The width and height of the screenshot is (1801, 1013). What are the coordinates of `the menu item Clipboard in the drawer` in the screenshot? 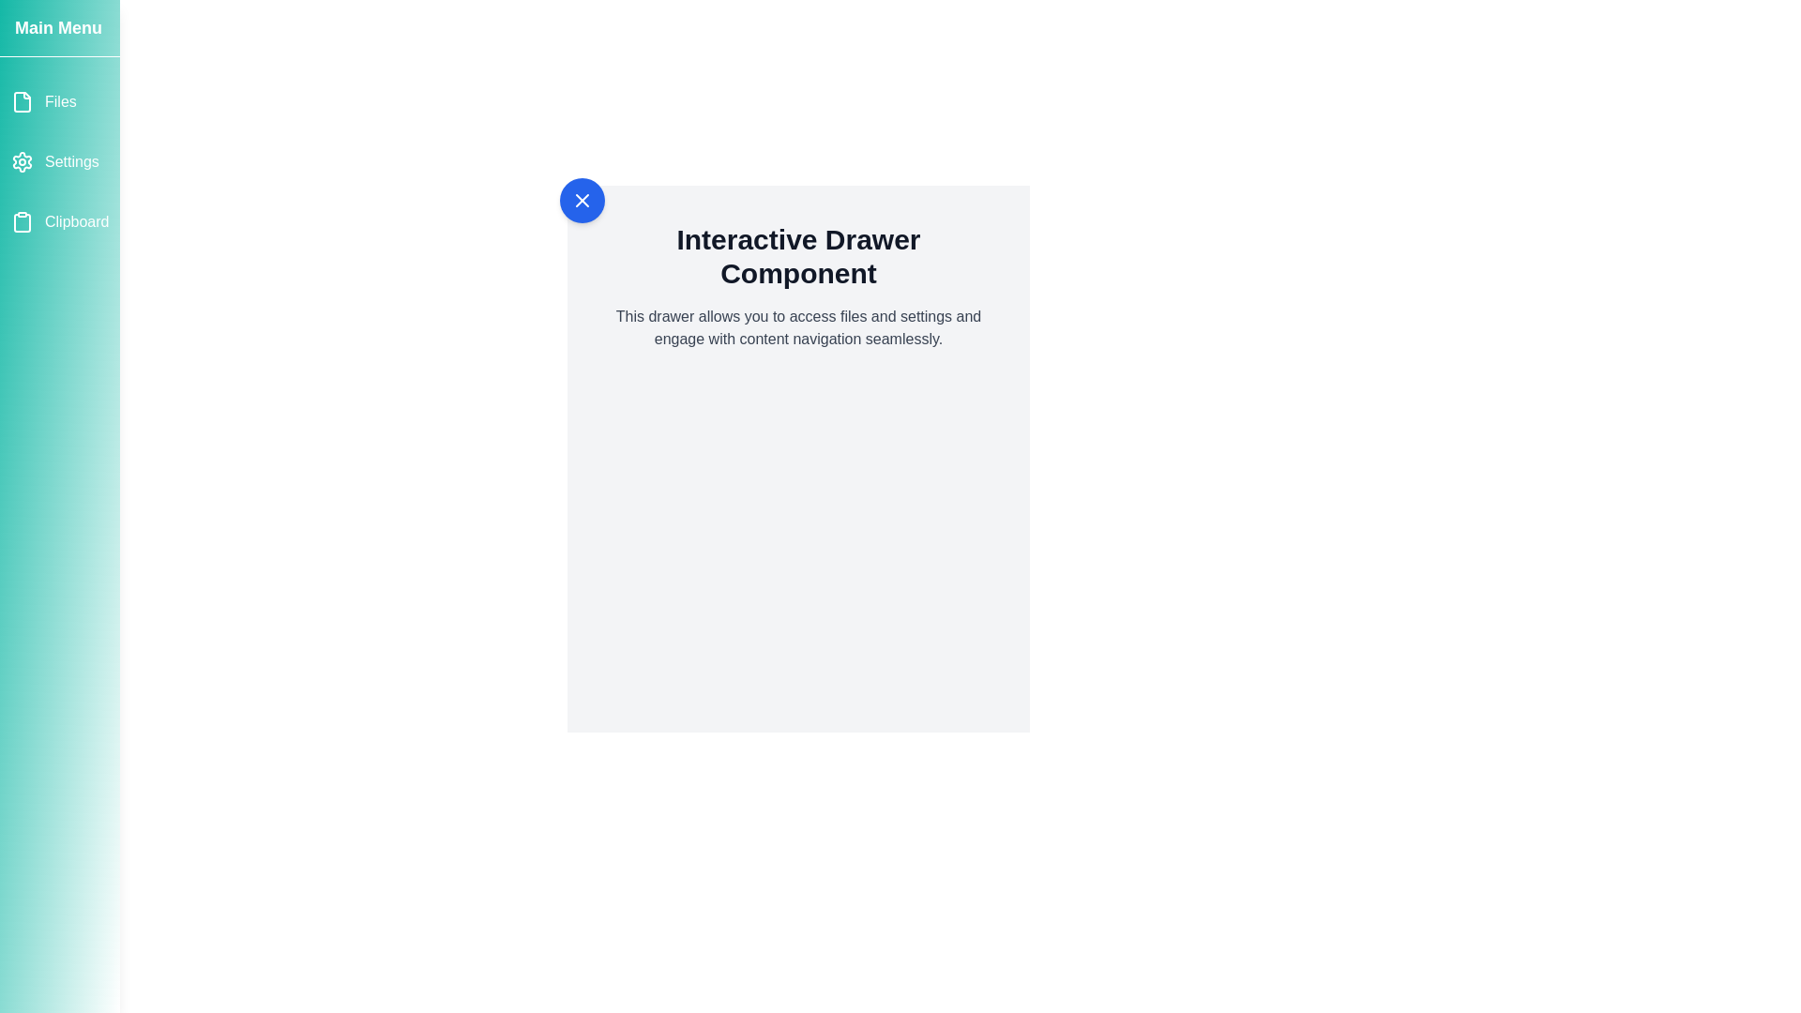 It's located at (59, 220).